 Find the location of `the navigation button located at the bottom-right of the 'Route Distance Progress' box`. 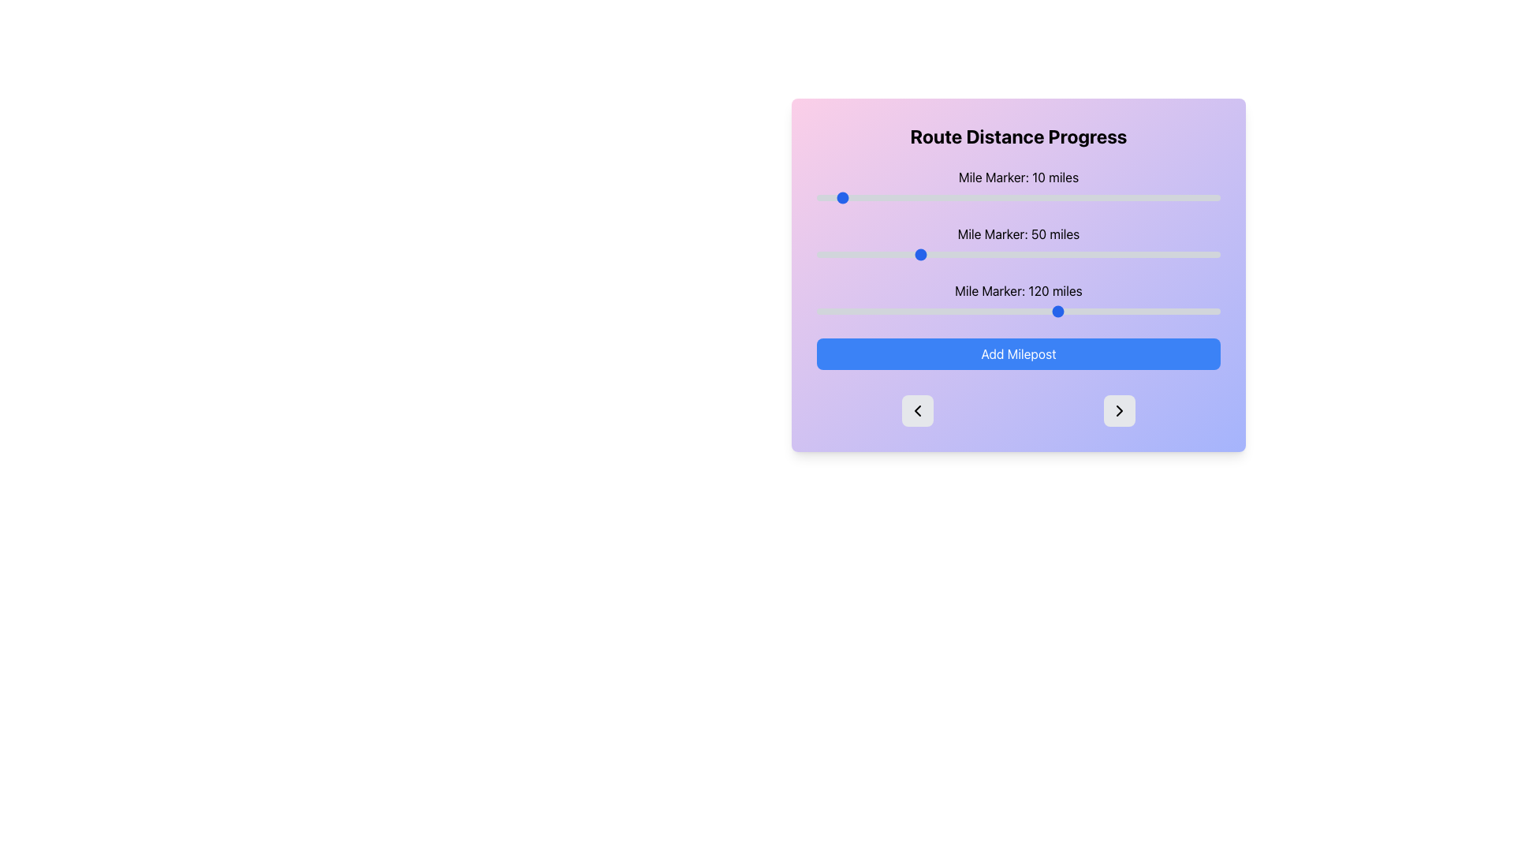

the navigation button located at the bottom-right of the 'Route Distance Progress' box is located at coordinates (1119, 409).